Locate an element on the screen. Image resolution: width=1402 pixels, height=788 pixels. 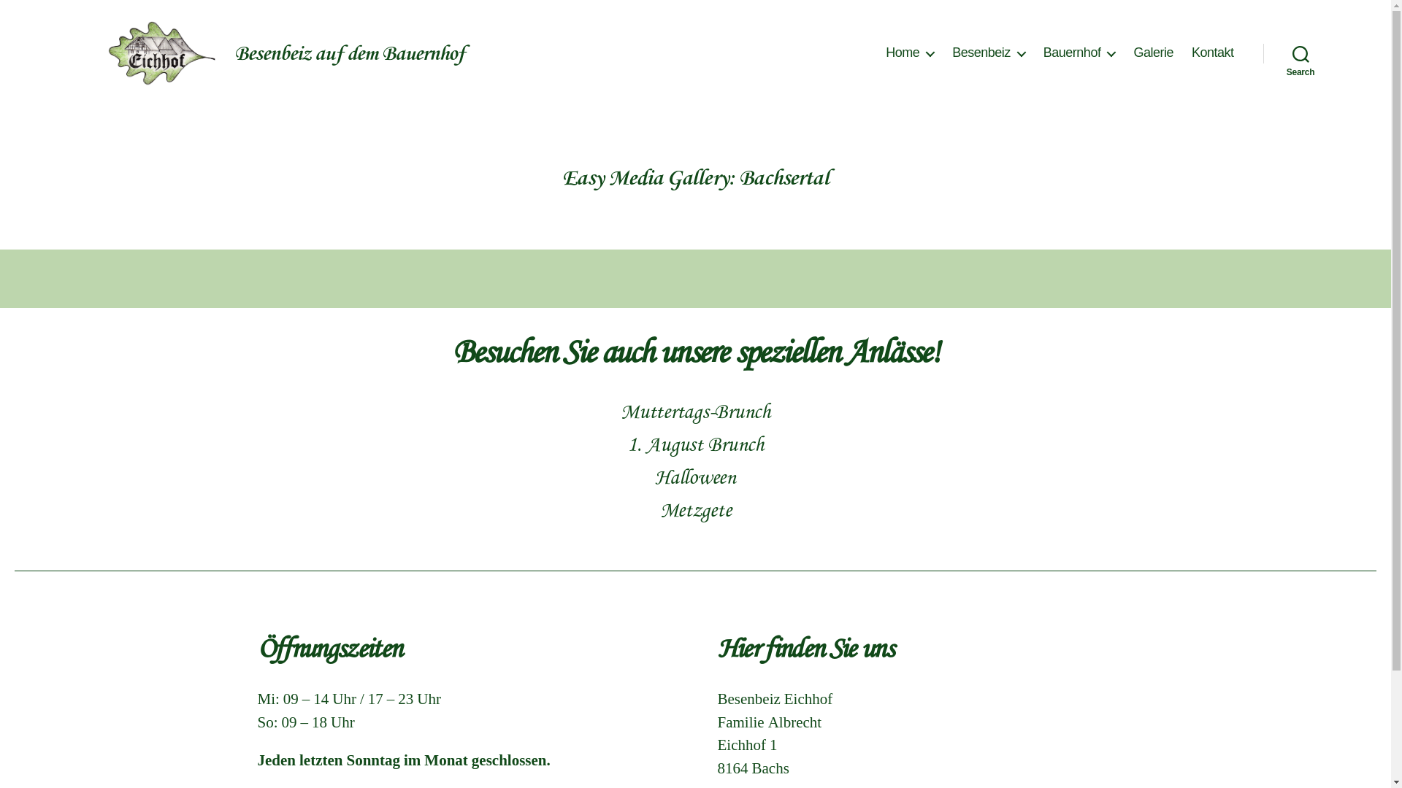
'Bauernhof' is located at coordinates (1079, 53).